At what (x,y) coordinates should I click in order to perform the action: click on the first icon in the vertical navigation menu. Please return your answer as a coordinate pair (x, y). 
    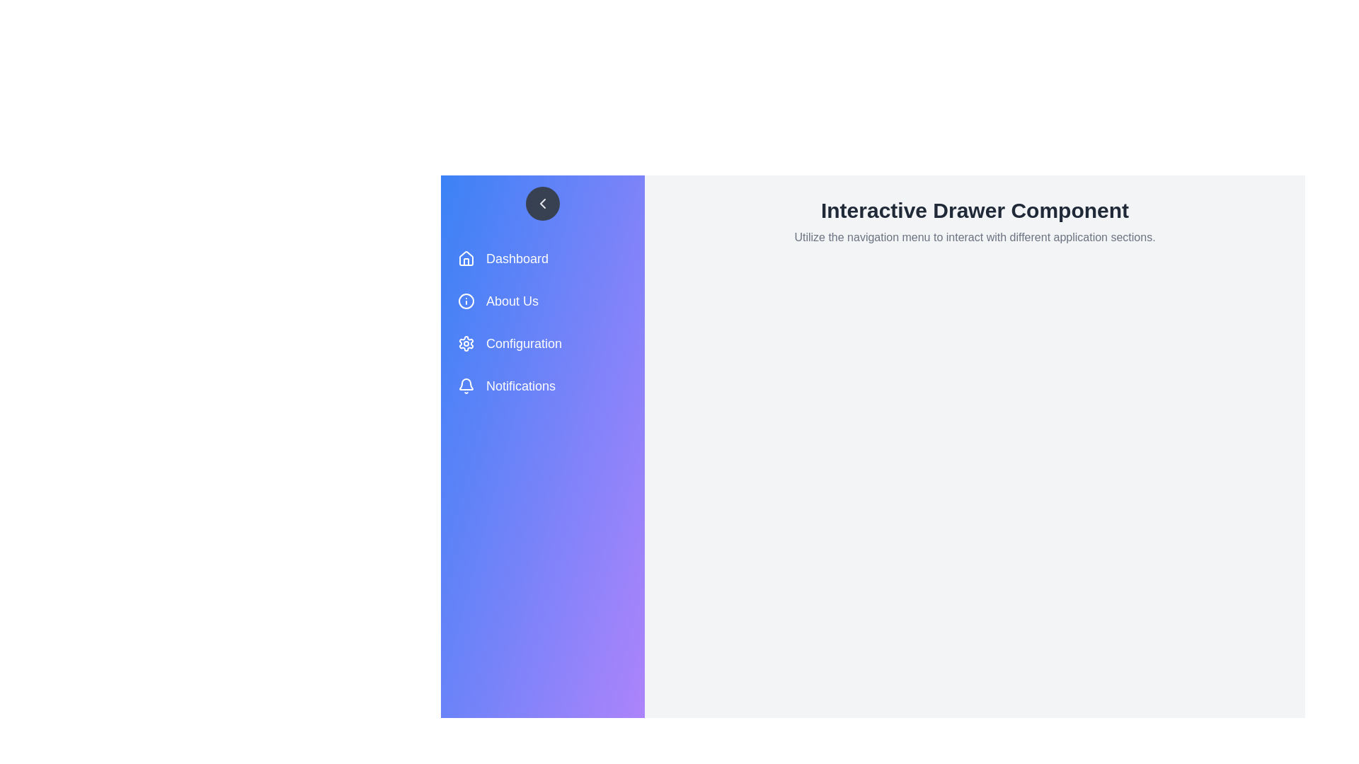
    Looking at the image, I should click on (466, 259).